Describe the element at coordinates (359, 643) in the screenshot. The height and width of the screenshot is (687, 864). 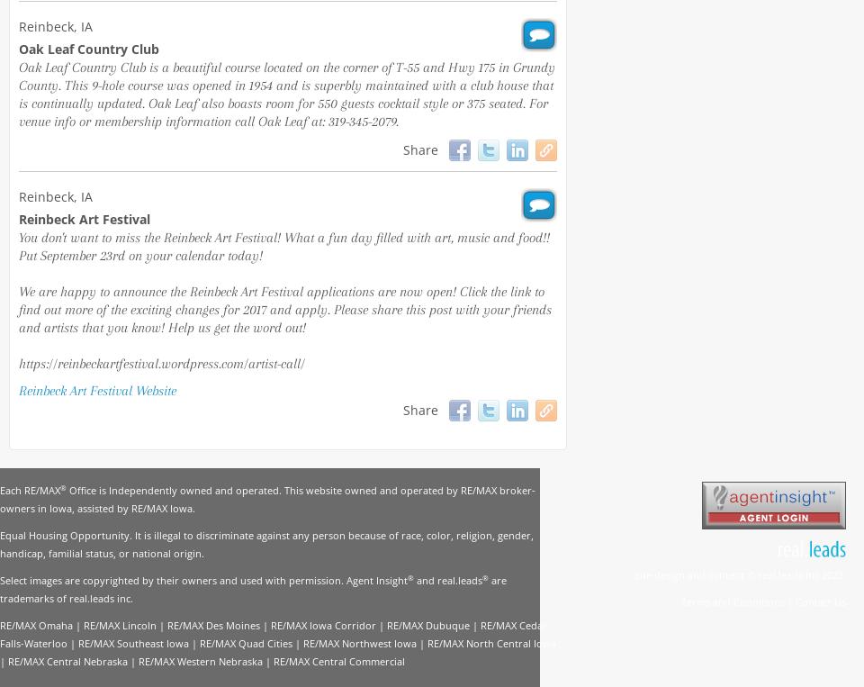
I see `'RE/MAX Northwest Iowa'` at that location.